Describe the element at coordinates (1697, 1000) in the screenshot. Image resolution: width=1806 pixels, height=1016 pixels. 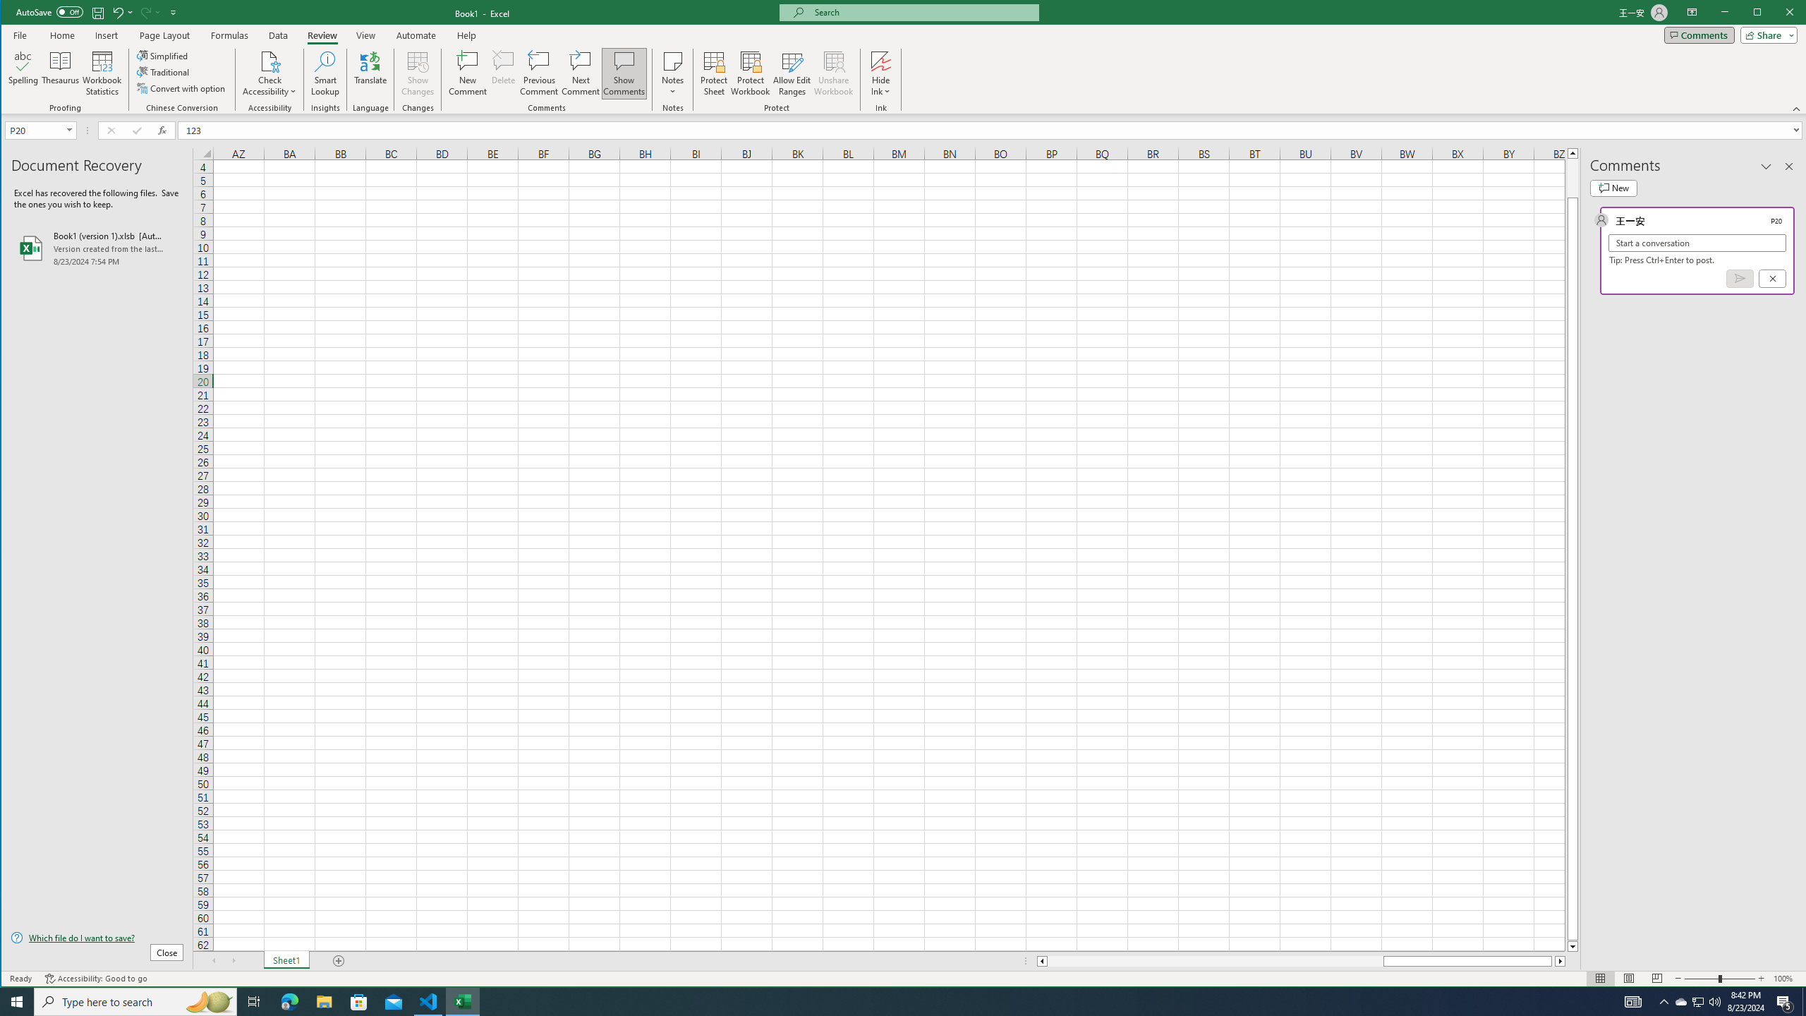
I see `'User Promoted Notification Area'` at that location.